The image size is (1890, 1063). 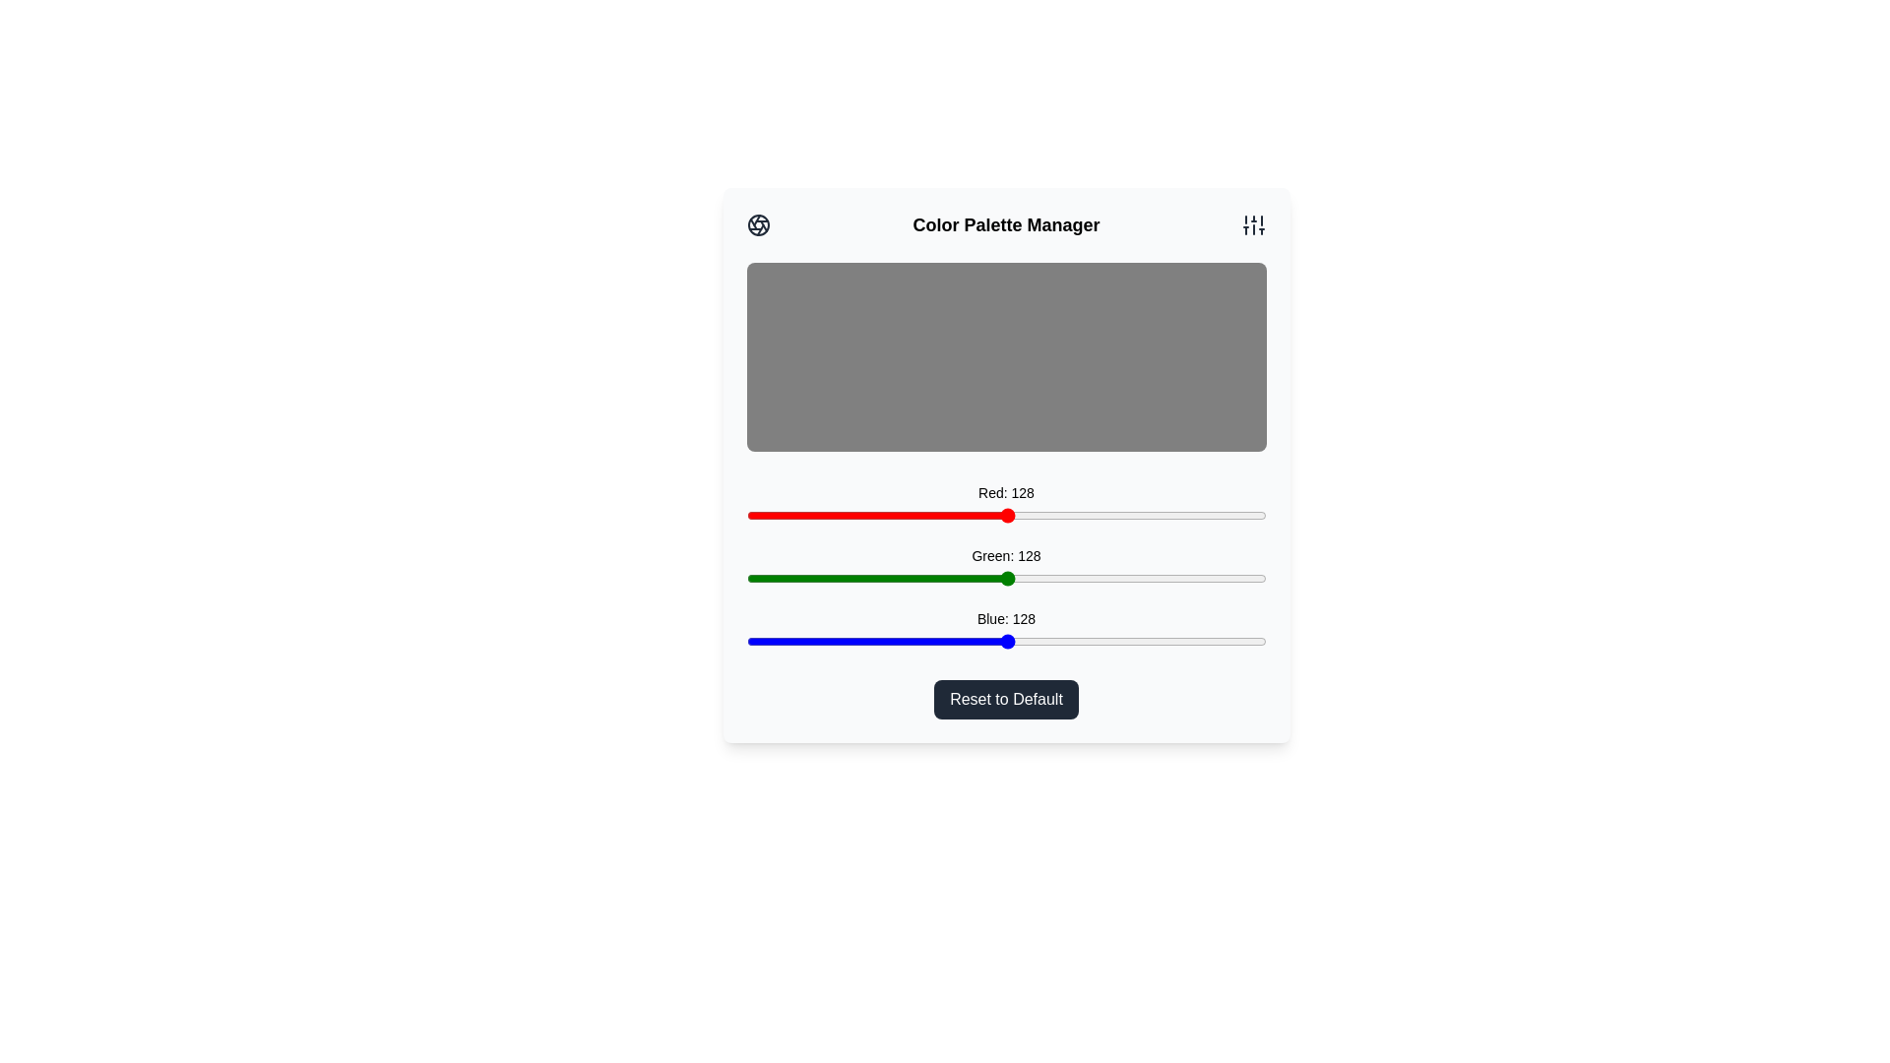 What do you see at coordinates (1218, 577) in the screenshot?
I see `the green slider to set the green intensity to 232` at bounding box center [1218, 577].